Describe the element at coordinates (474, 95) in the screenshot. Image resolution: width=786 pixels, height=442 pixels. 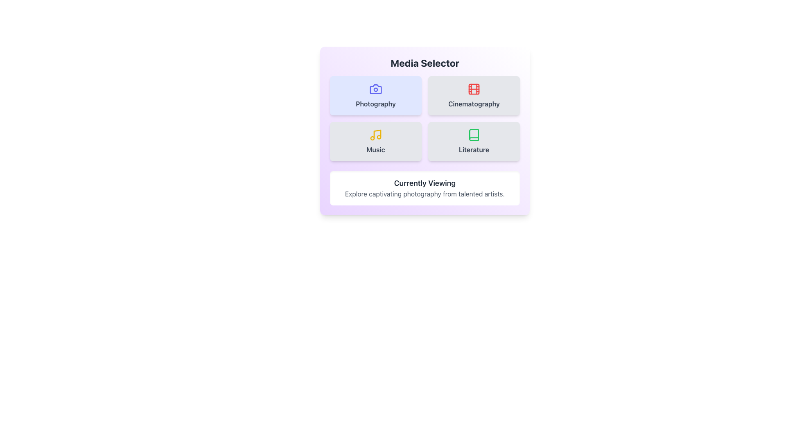
I see `the 'Cinematography' Interactive Card, which has a rounded rectangular shape, light gray background, and a red film reel icon at the top, to trigger the visual hover effect` at that location.